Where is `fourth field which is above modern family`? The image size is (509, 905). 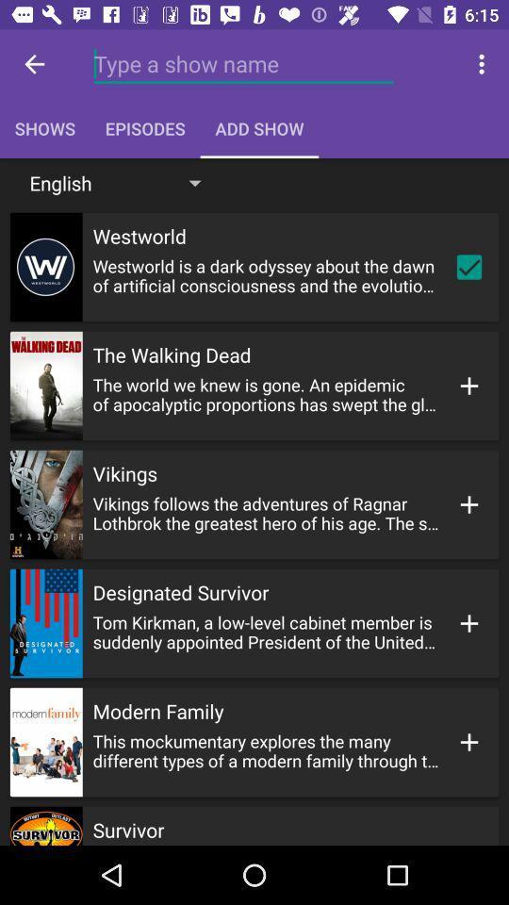 fourth field which is above modern family is located at coordinates (254, 623).